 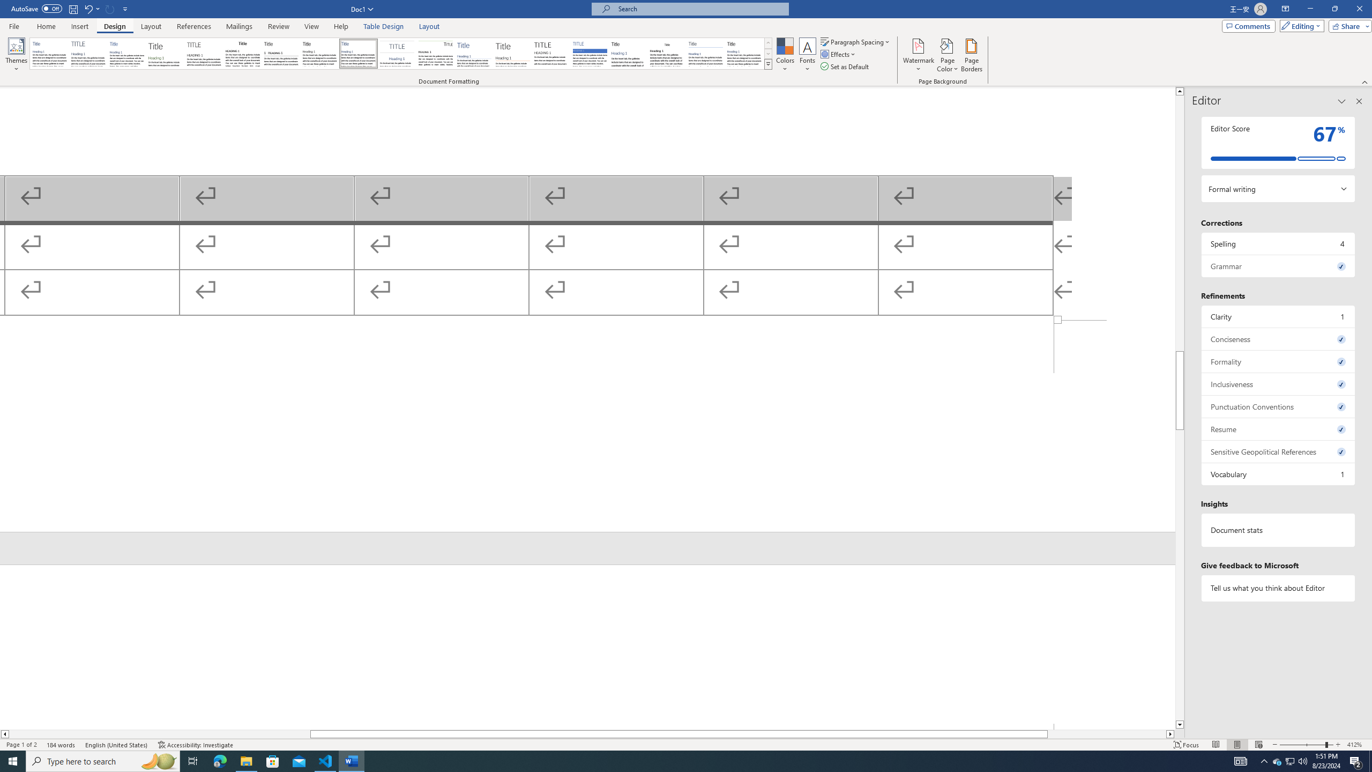 I want to click on 'Lines (Simple)', so click(x=474, y=53).